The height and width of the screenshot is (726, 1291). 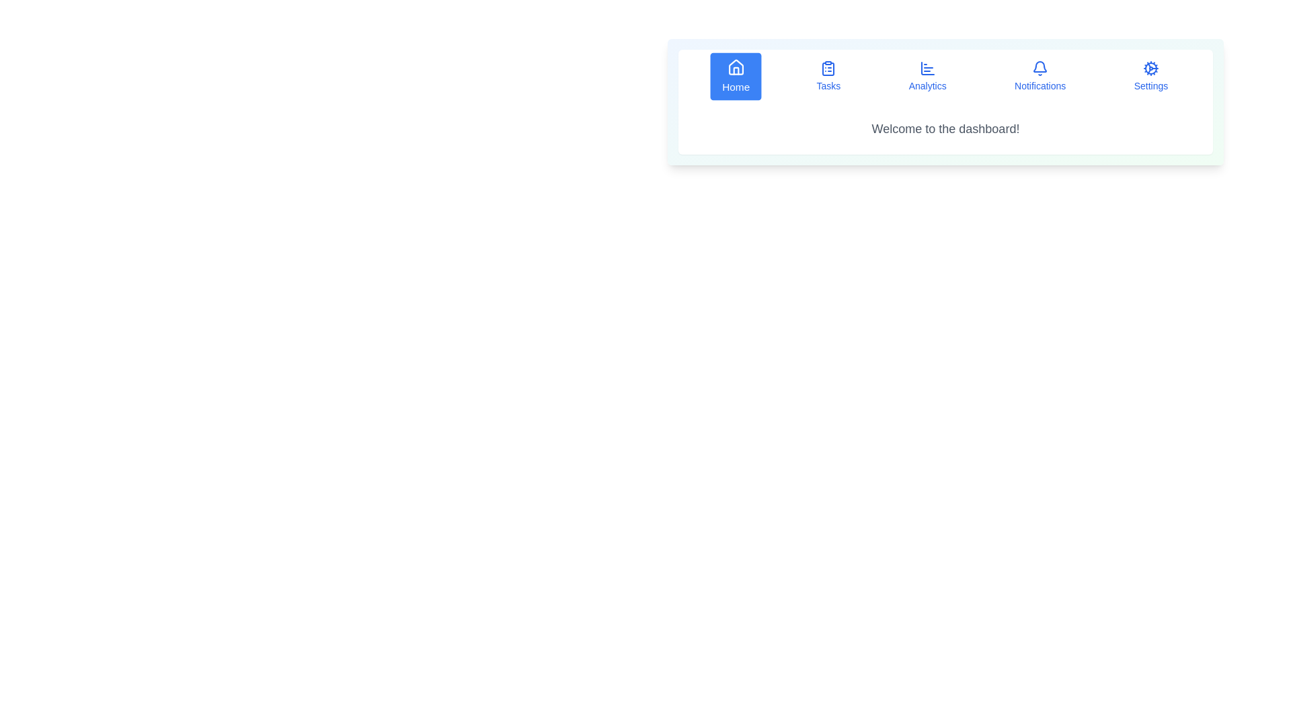 I want to click on the Home button, so click(x=735, y=77).